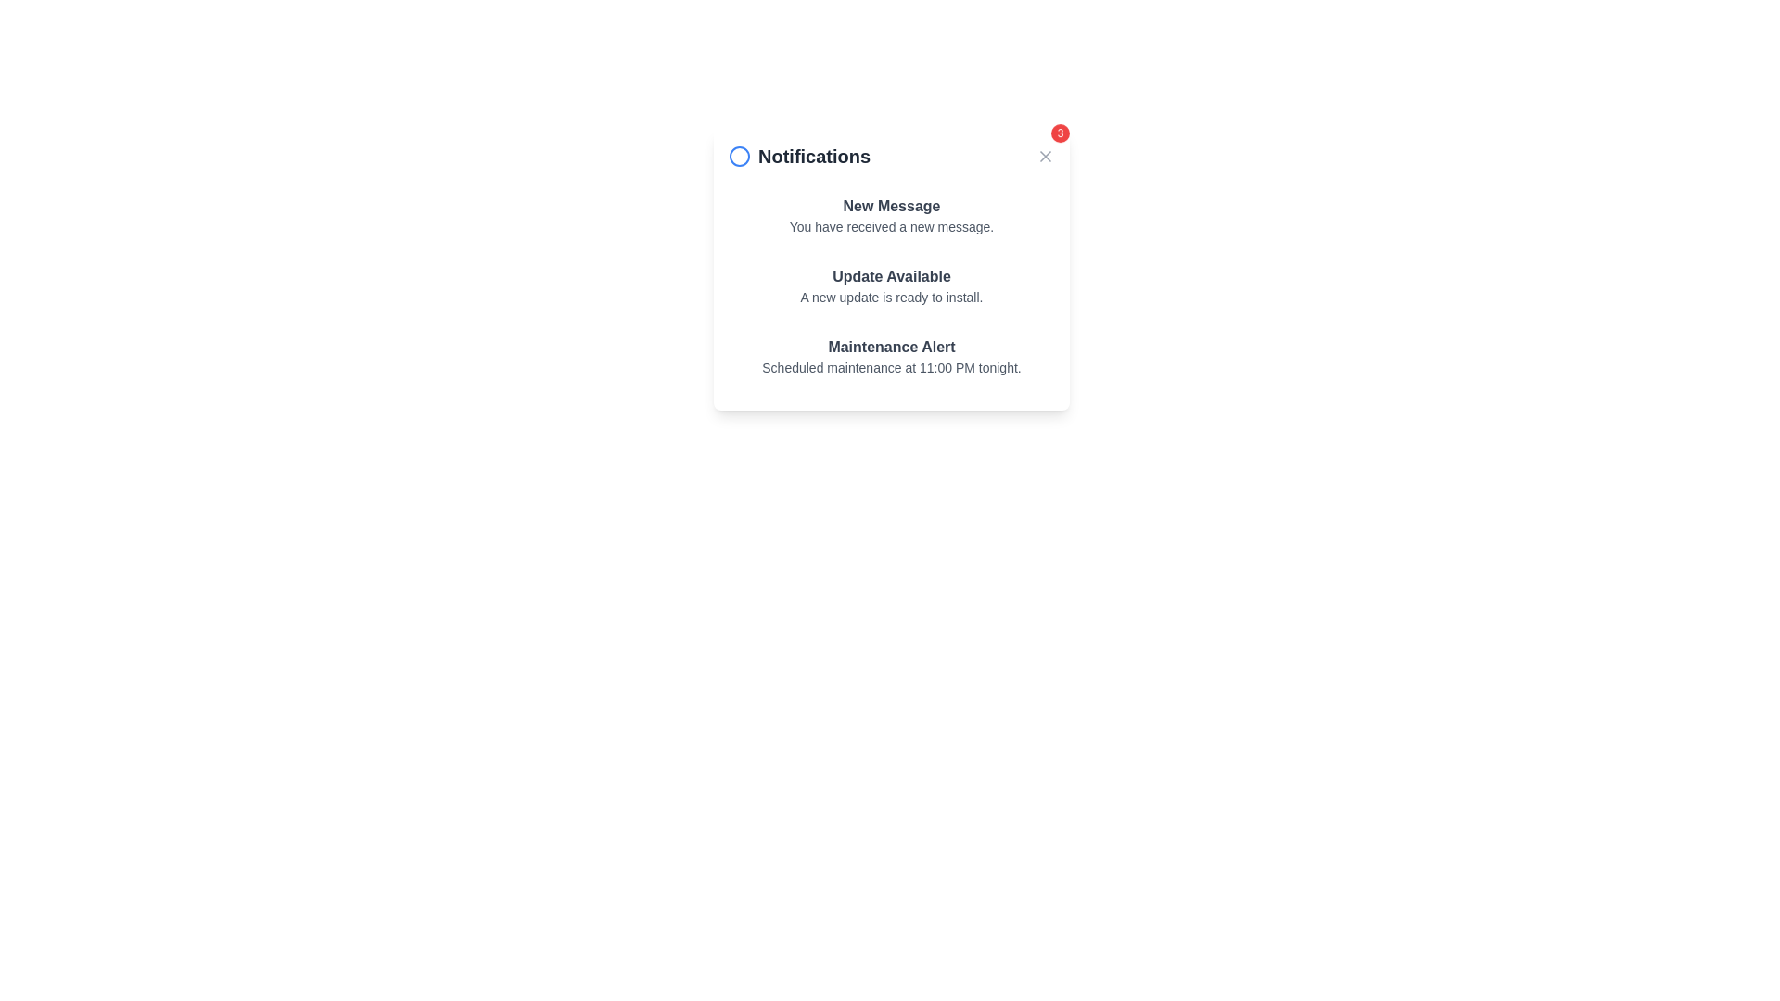 The image size is (1780, 1001). What do you see at coordinates (891, 269) in the screenshot?
I see `second notification in the popup about the software update that is ready to be installed` at bounding box center [891, 269].